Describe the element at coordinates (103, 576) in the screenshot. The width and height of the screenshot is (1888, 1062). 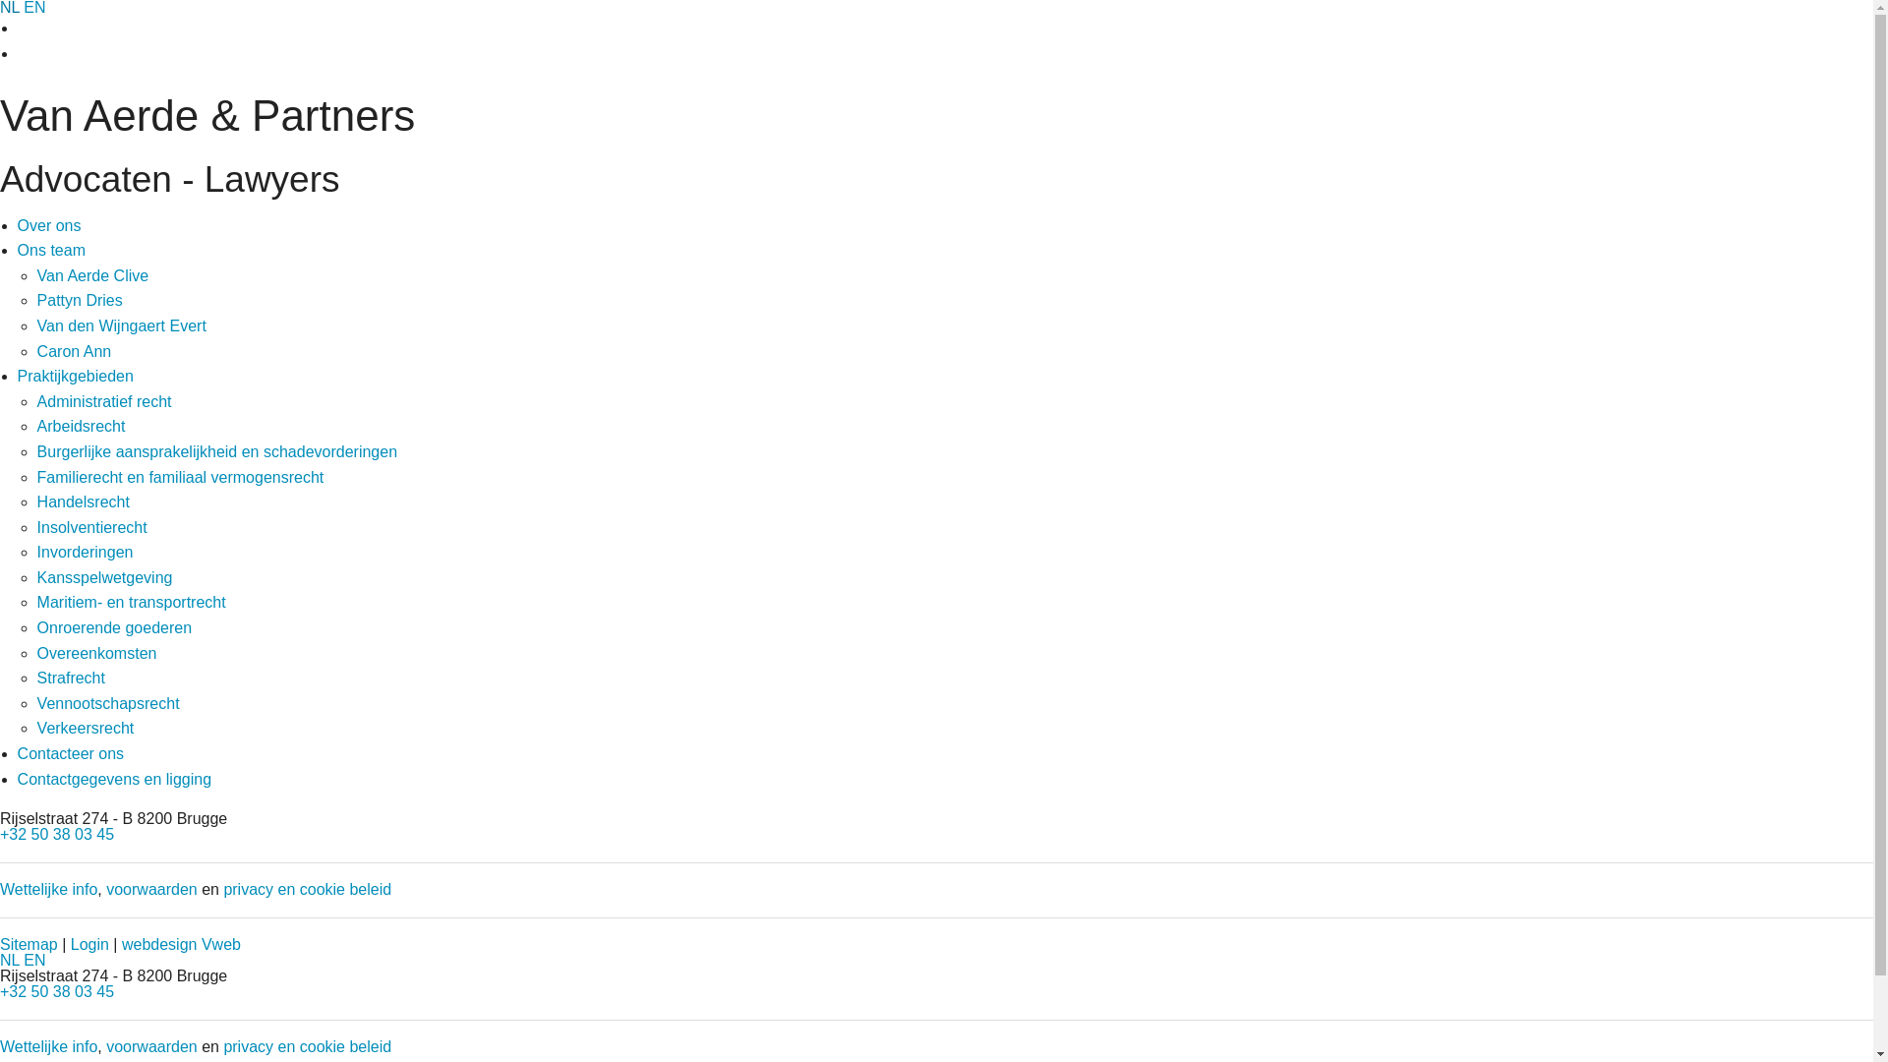
I see `'Kansspelwetgeving'` at that location.